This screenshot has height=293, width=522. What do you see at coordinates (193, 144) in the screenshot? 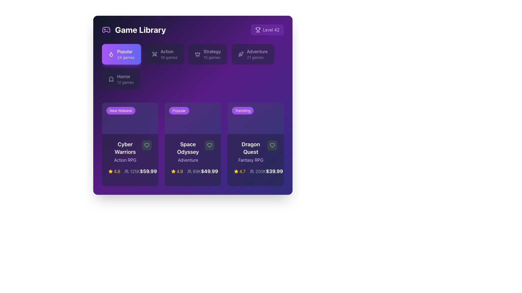
I see `a game card within the 'Game Library' section` at bounding box center [193, 144].